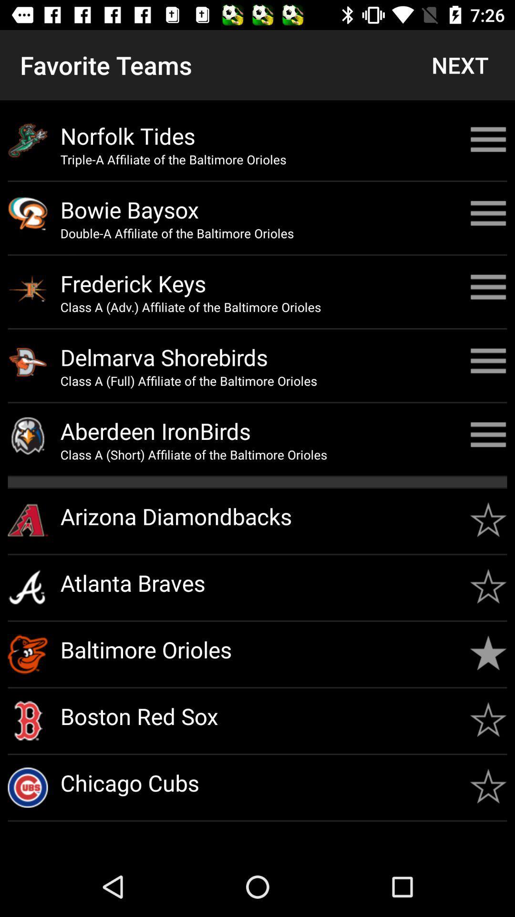  Describe the element at coordinates (459, 64) in the screenshot. I see `next button` at that location.